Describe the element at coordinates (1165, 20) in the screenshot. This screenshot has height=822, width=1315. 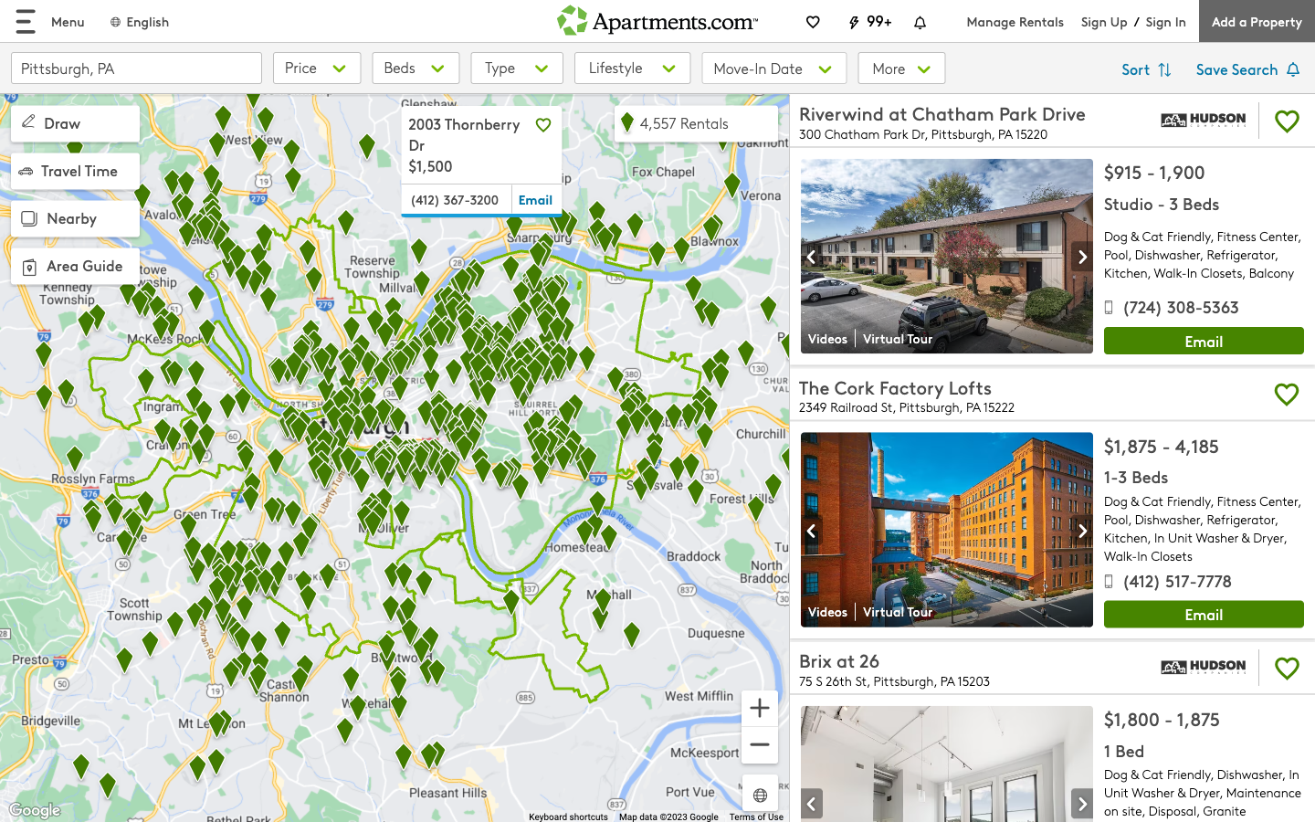
I see `Advance to log in feature` at that location.